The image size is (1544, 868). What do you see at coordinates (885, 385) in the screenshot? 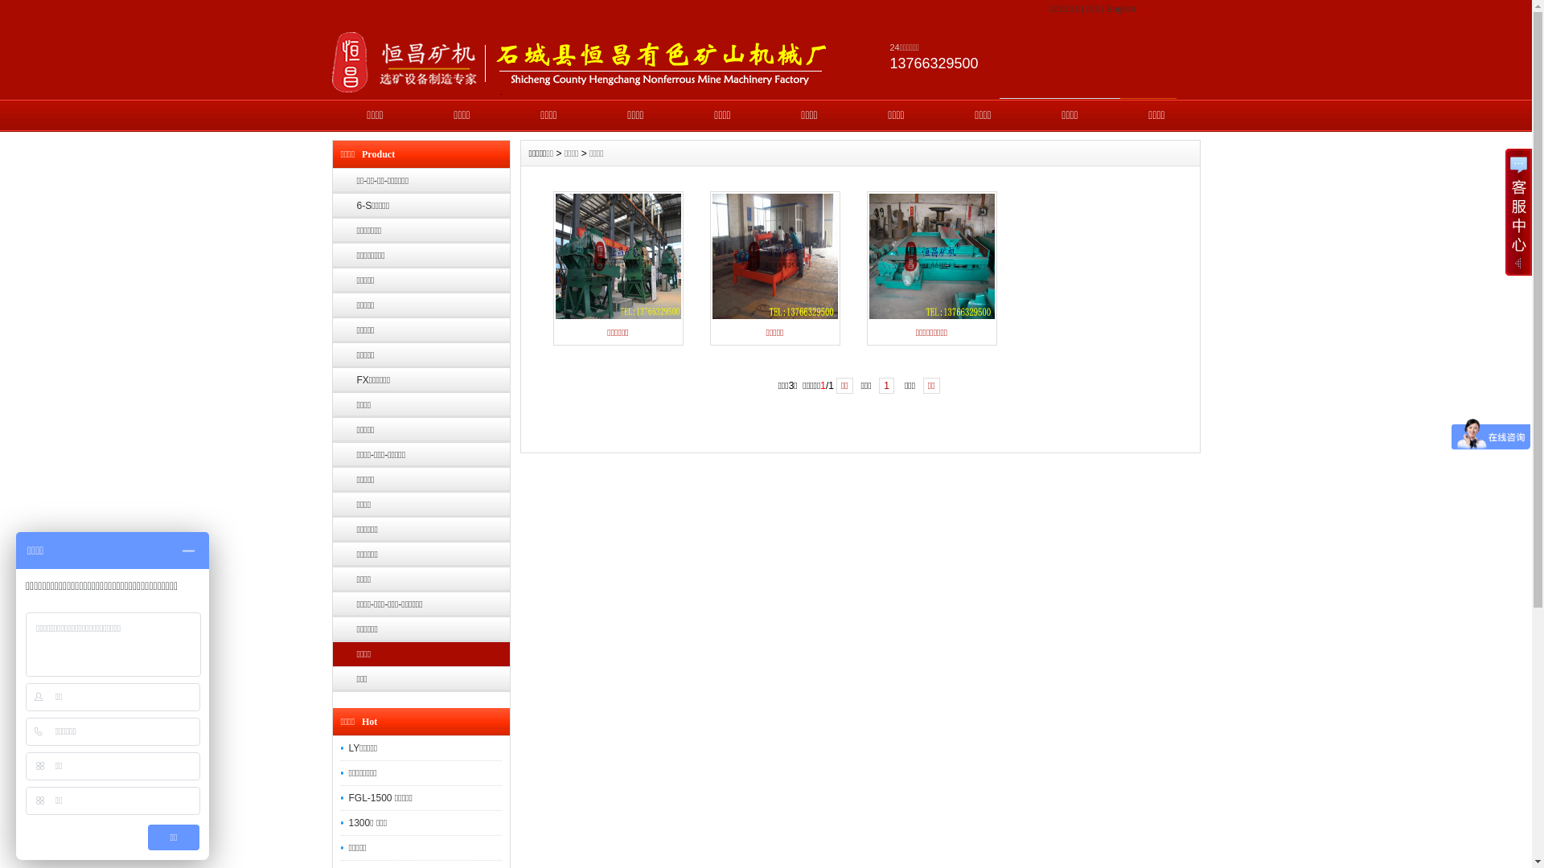
I see `'1'` at bounding box center [885, 385].